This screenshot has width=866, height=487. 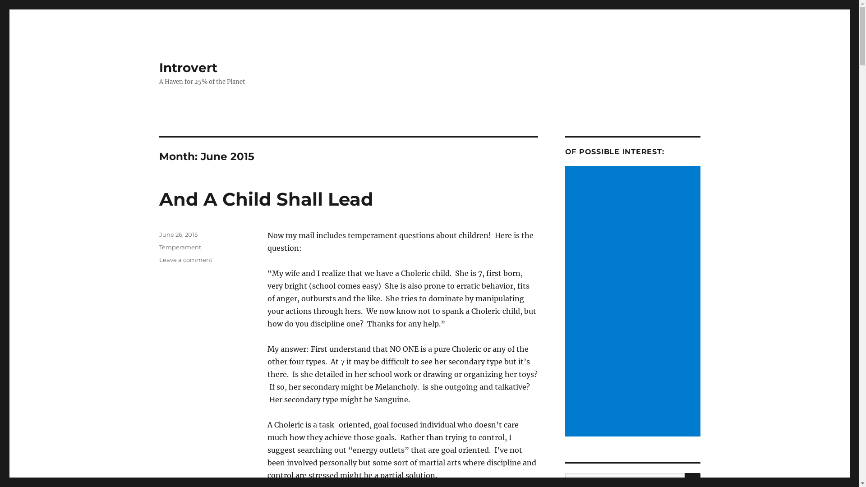 I want to click on 'Introvert', so click(x=187, y=67).